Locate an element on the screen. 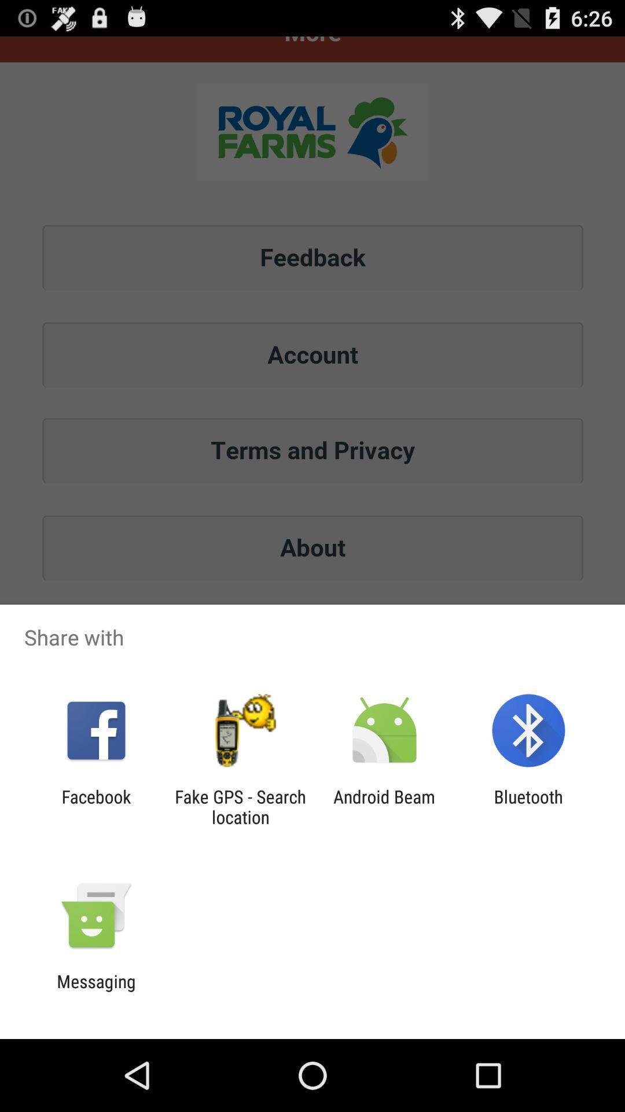 The height and width of the screenshot is (1112, 625). the item next to bluetooth item is located at coordinates (384, 806).